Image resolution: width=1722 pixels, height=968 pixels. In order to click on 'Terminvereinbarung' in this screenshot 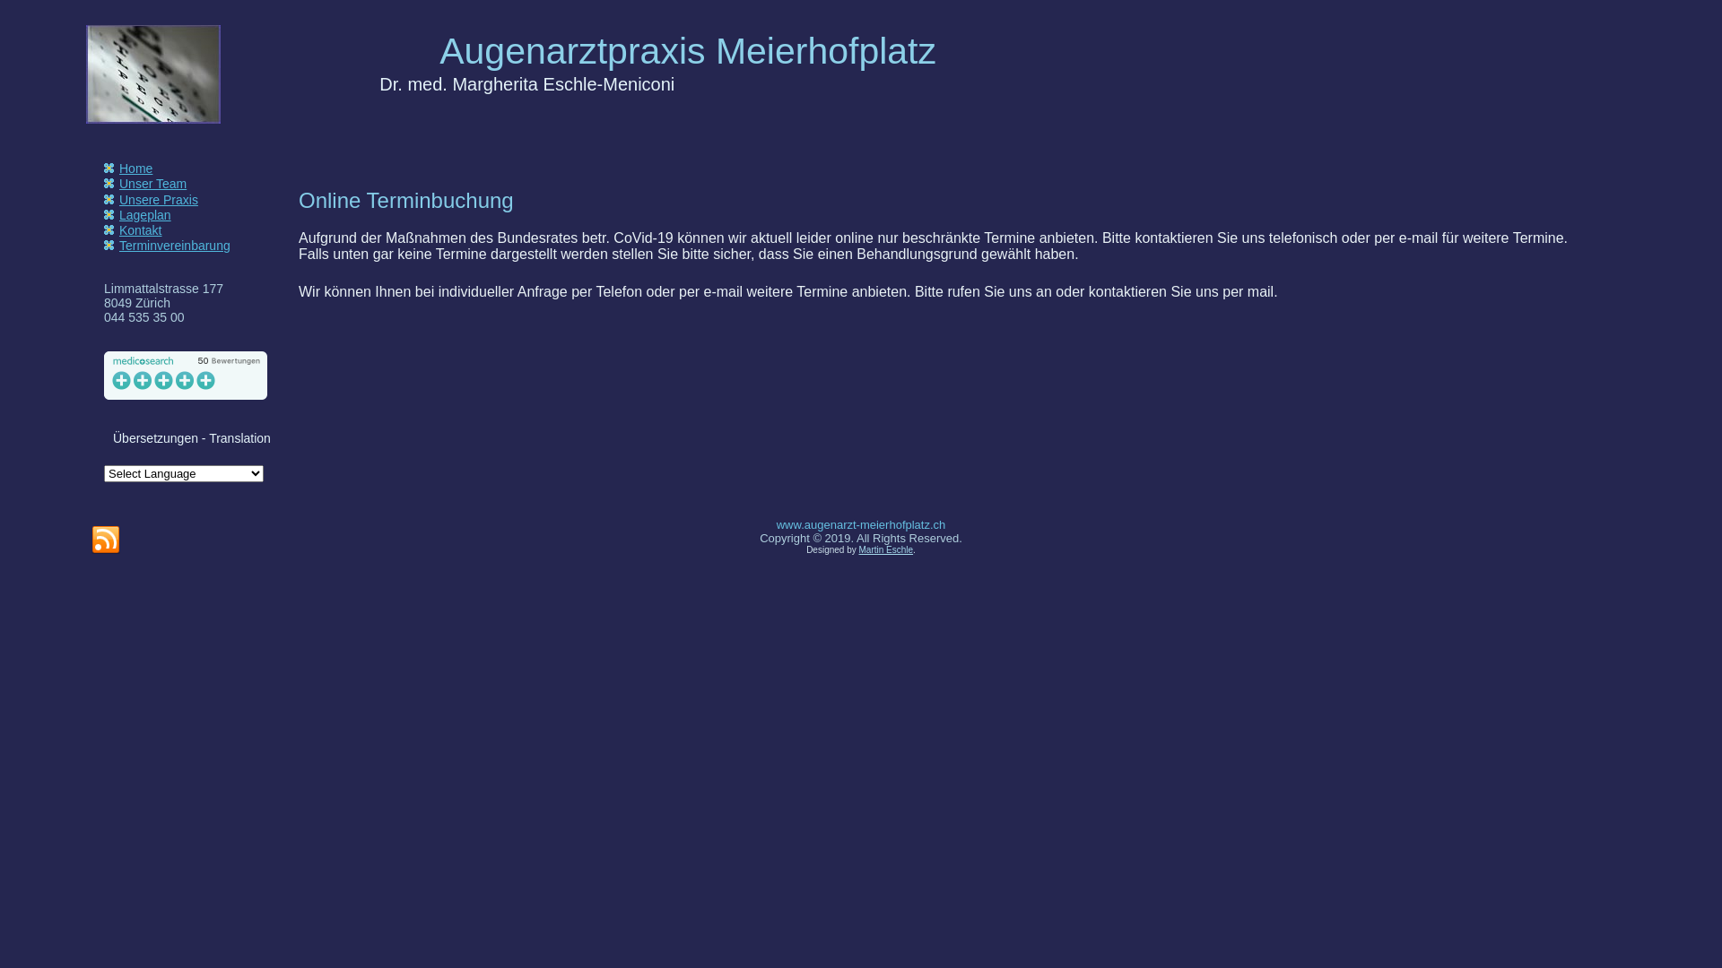, I will do `click(175, 245)`.